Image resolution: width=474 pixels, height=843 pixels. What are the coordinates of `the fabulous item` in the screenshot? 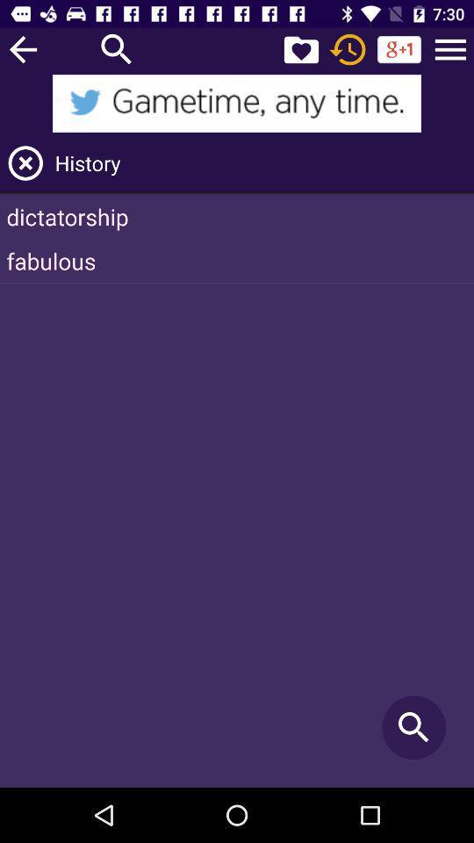 It's located at (237, 260).